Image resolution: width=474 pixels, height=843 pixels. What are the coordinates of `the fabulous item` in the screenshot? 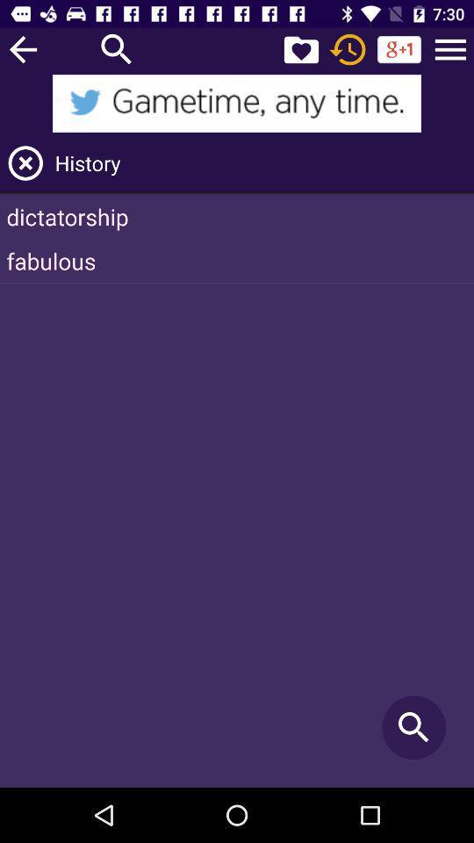 It's located at (237, 260).